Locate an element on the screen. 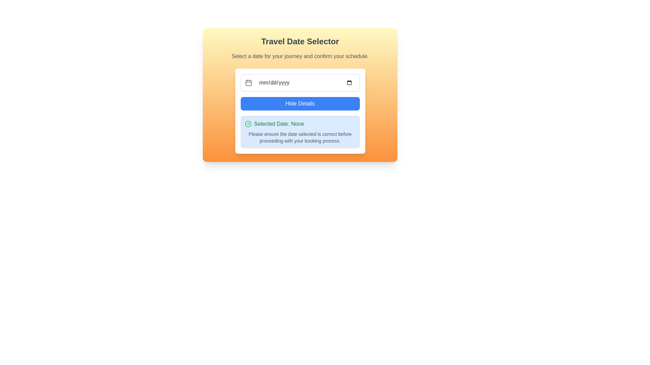  the decorative rectangle within the calendar icon, which enhances the date selection feature, located centrally within the icon is located at coordinates (248, 82).